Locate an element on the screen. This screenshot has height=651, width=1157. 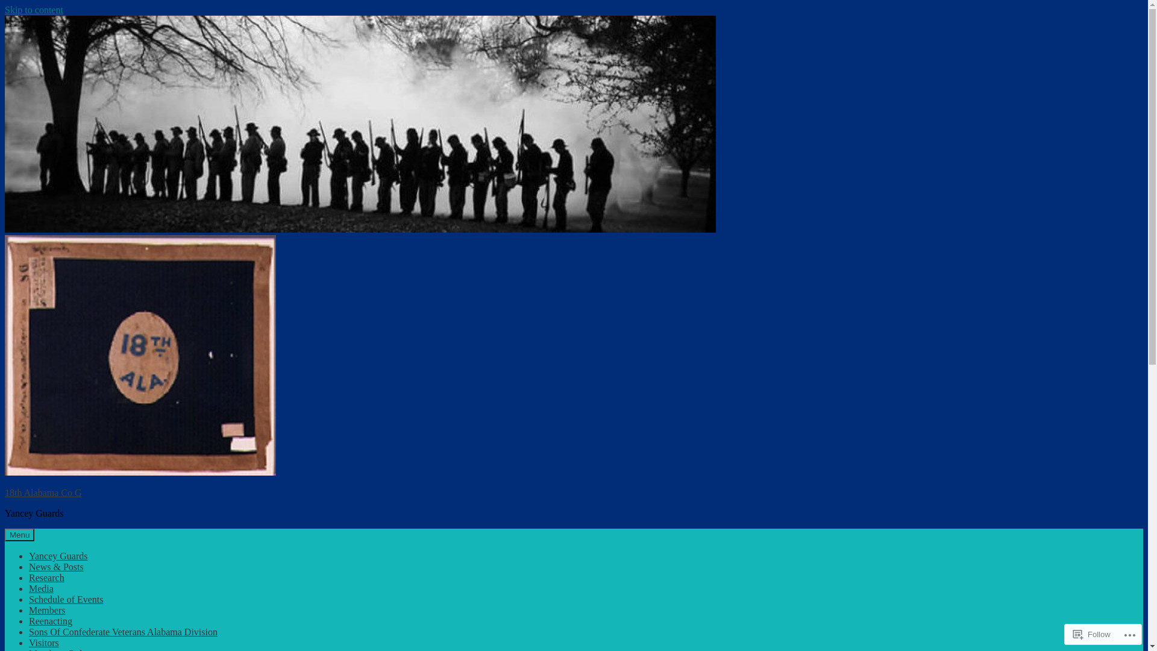
'Media' is located at coordinates (41, 588).